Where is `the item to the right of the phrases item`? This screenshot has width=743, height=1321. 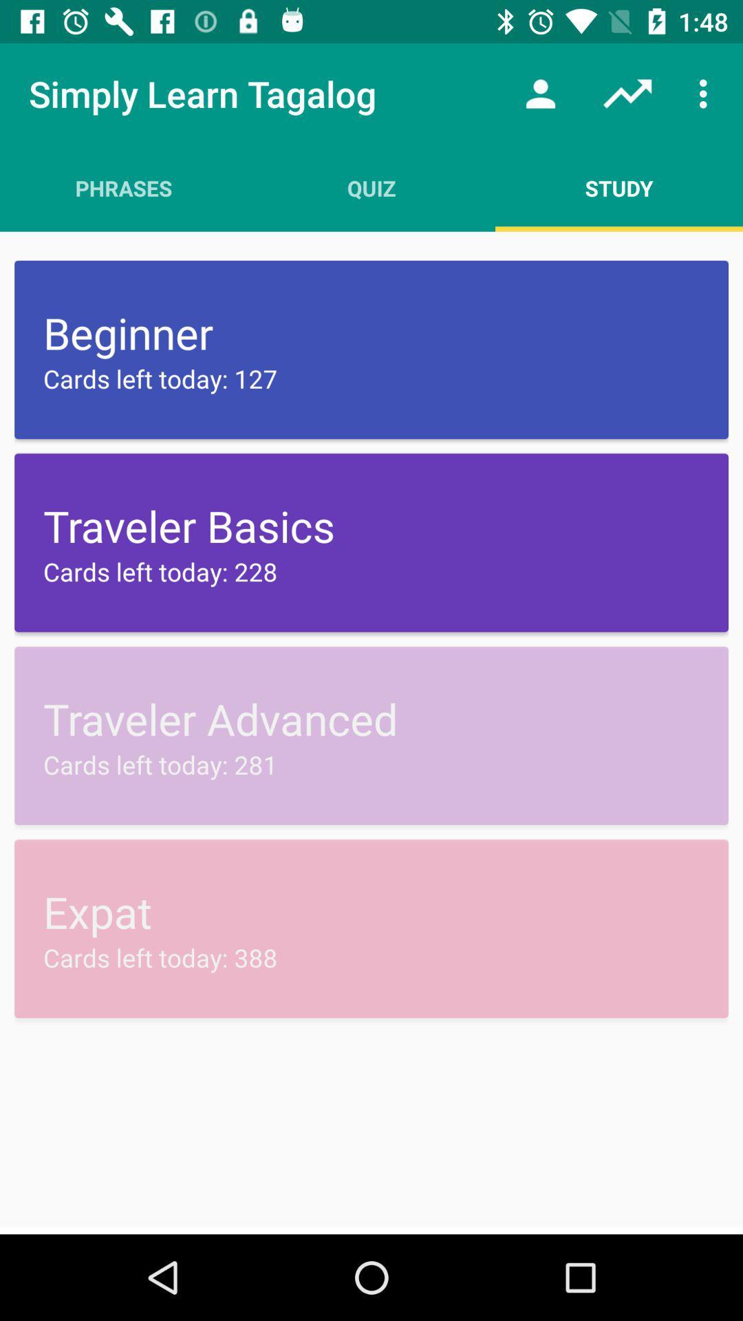
the item to the right of the phrases item is located at coordinates (371, 187).